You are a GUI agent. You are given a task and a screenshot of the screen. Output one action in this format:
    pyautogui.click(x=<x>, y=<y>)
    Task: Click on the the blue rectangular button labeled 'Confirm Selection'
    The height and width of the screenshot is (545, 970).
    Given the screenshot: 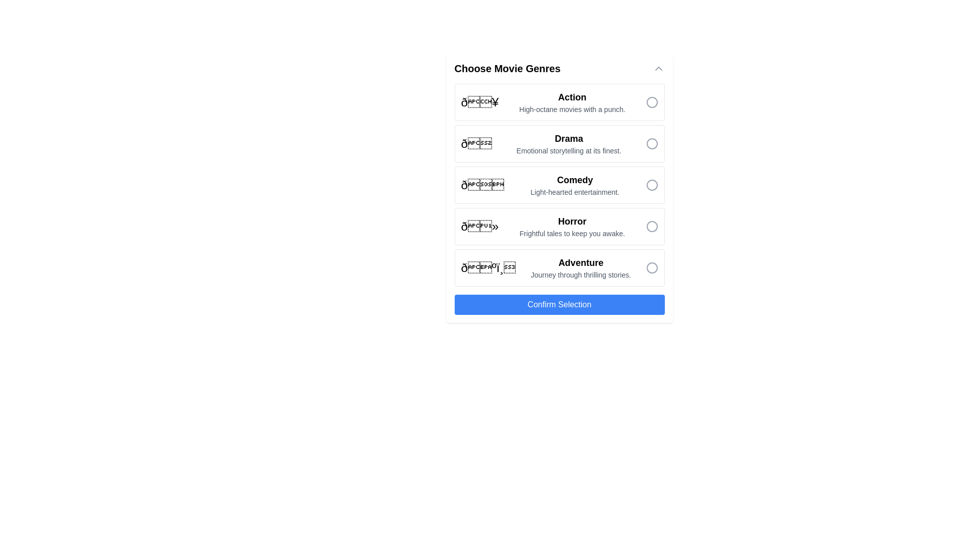 What is the action you would take?
    pyautogui.click(x=559, y=304)
    